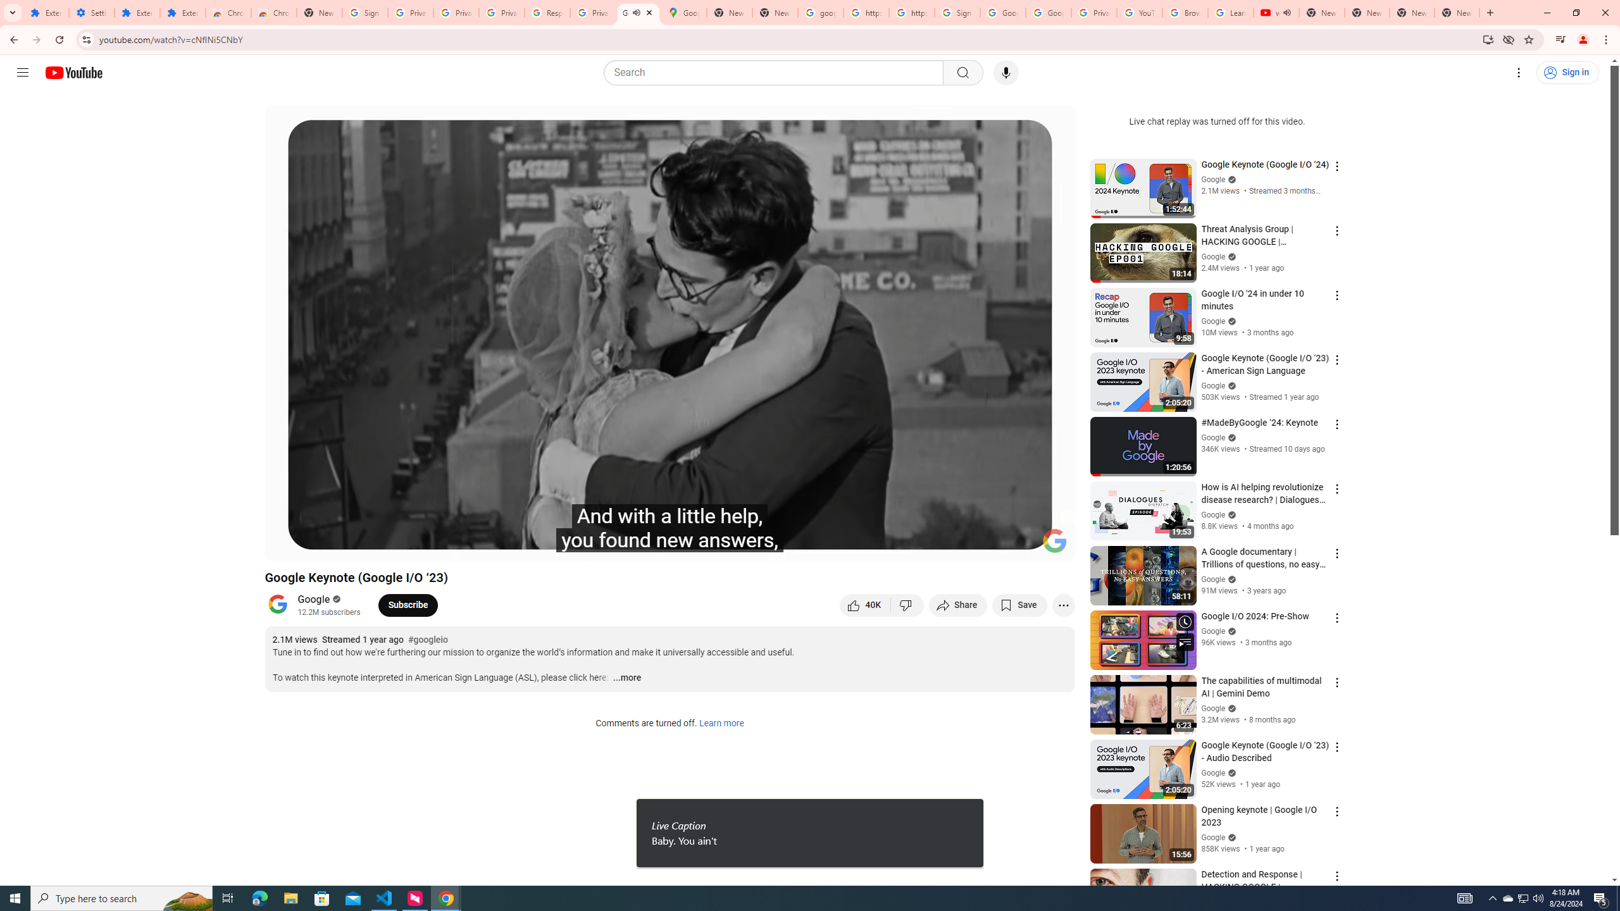  Describe the element at coordinates (1021, 545) in the screenshot. I see `'Theater mode (t)'` at that location.